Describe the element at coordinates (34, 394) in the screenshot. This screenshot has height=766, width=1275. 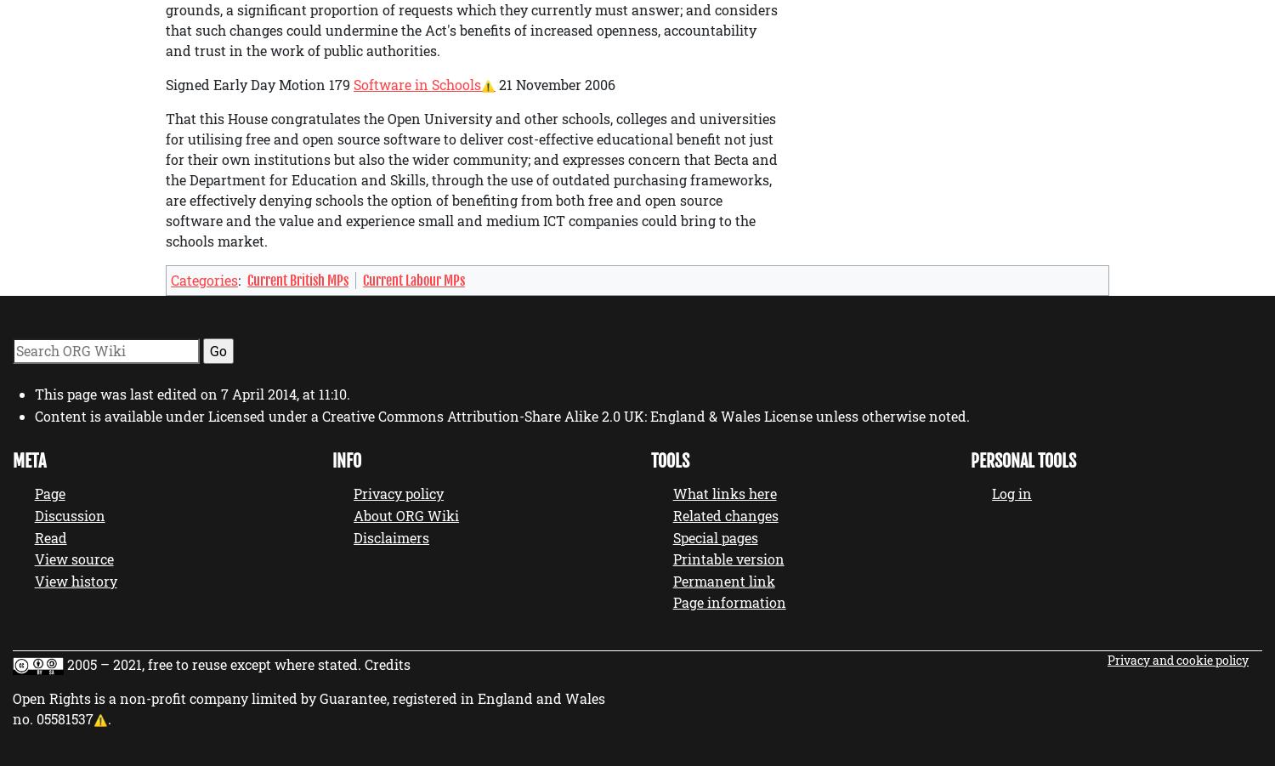
I see `'This page was last edited on 7 April 2014, at 11:10.'` at that location.